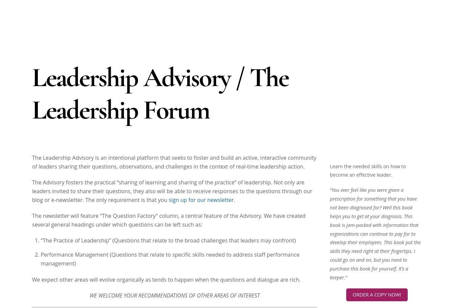  Describe the element at coordinates (376, 176) in the screenshot. I see `'MORE EVENTS'` at that location.